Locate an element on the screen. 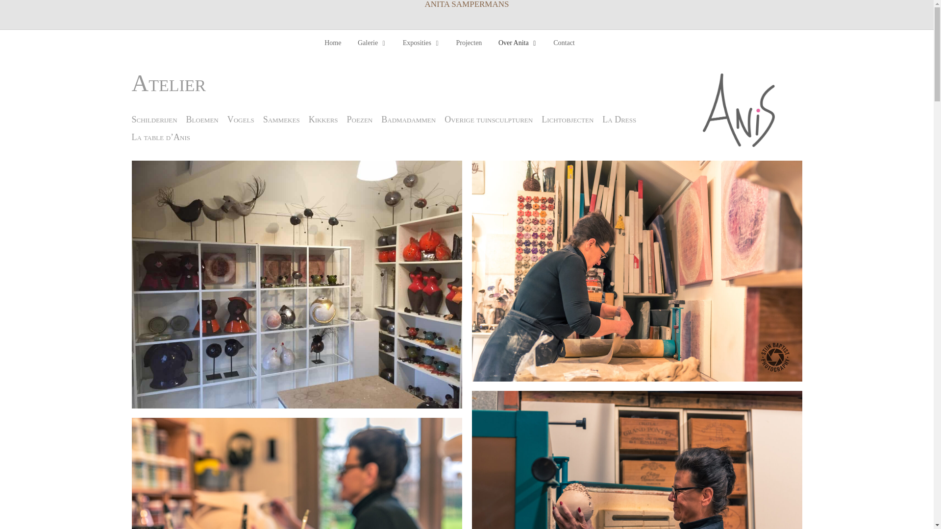 The height and width of the screenshot is (529, 941). 'anis' is located at coordinates (739, 110).